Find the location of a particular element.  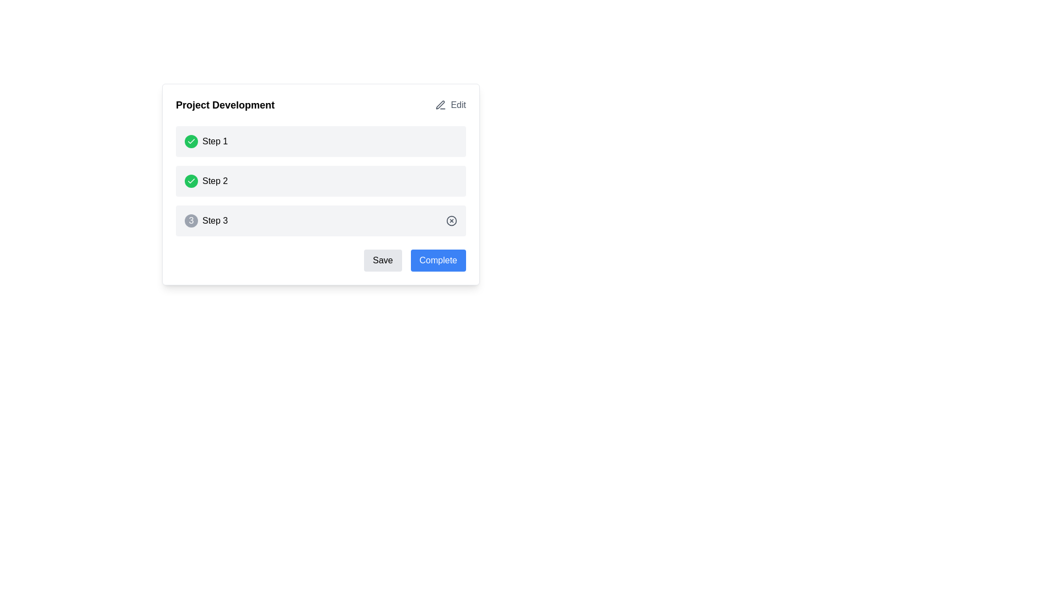

the button located in the top-right corner of the 'Project Development' section is located at coordinates (451, 105).